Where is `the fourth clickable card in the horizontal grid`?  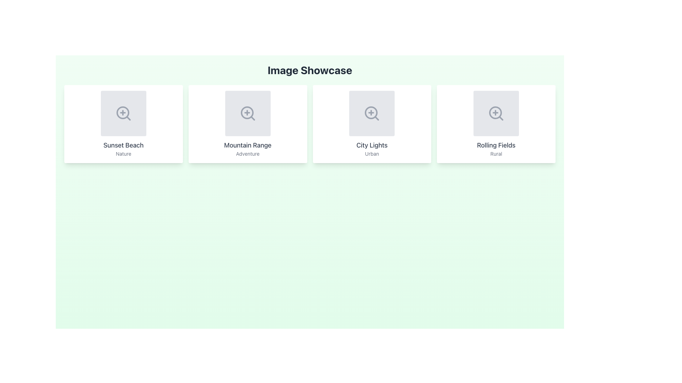 the fourth clickable card in the horizontal grid is located at coordinates (496, 124).